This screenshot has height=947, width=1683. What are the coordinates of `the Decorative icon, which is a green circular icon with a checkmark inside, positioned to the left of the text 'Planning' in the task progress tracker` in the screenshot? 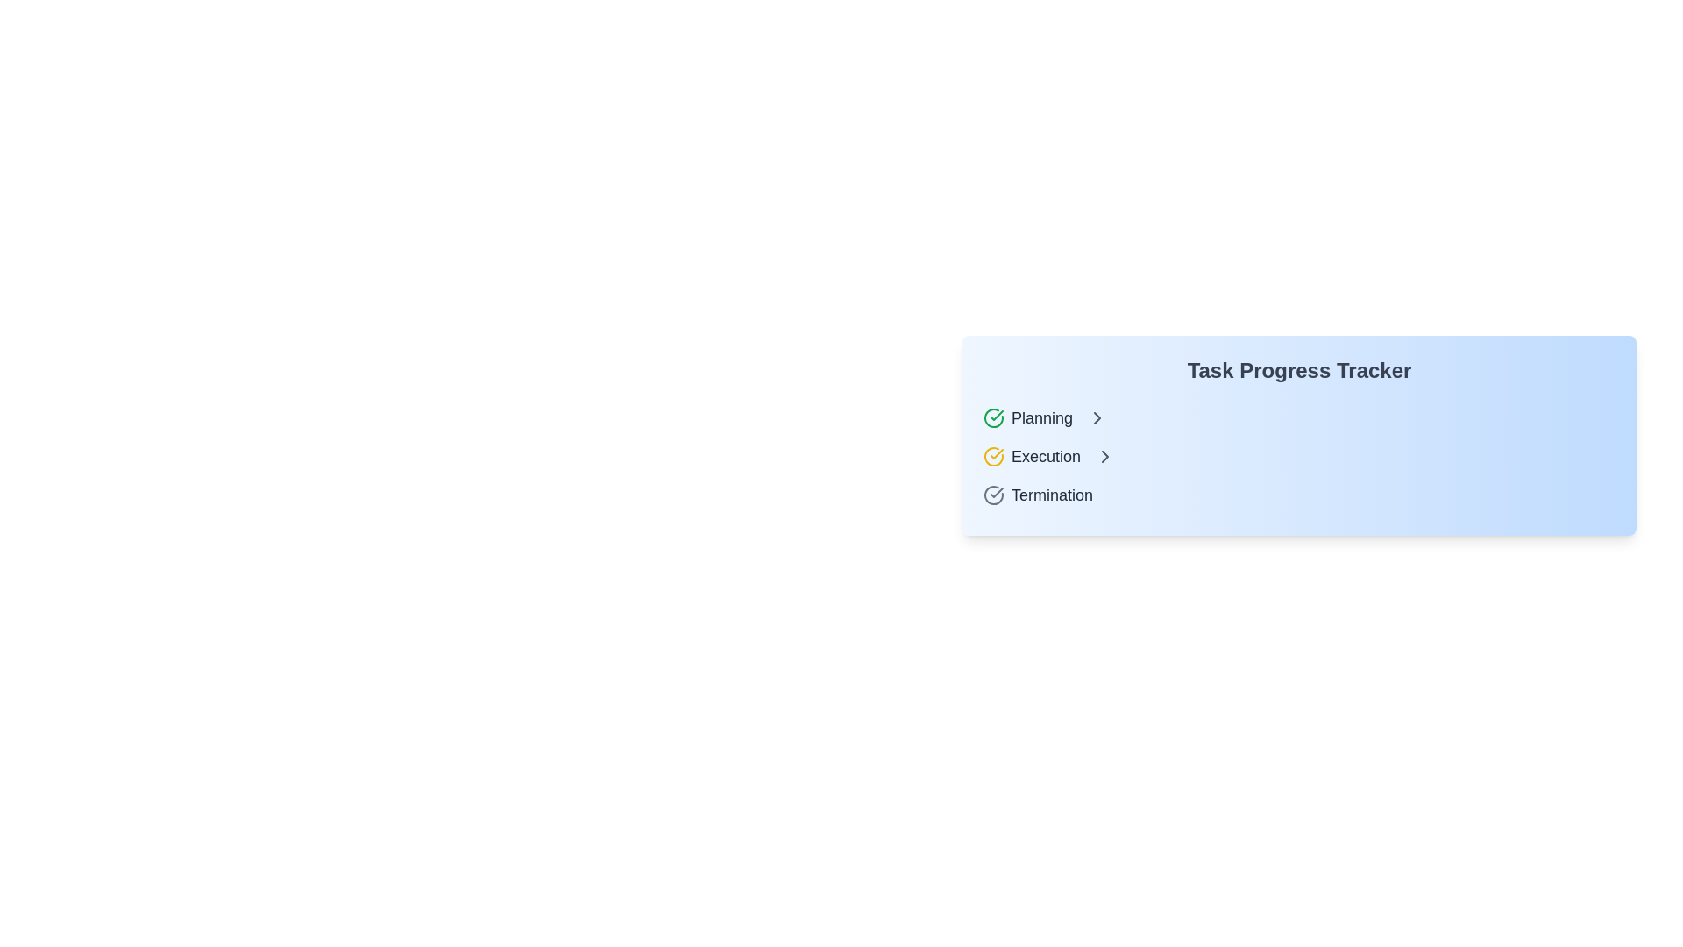 It's located at (993, 418).